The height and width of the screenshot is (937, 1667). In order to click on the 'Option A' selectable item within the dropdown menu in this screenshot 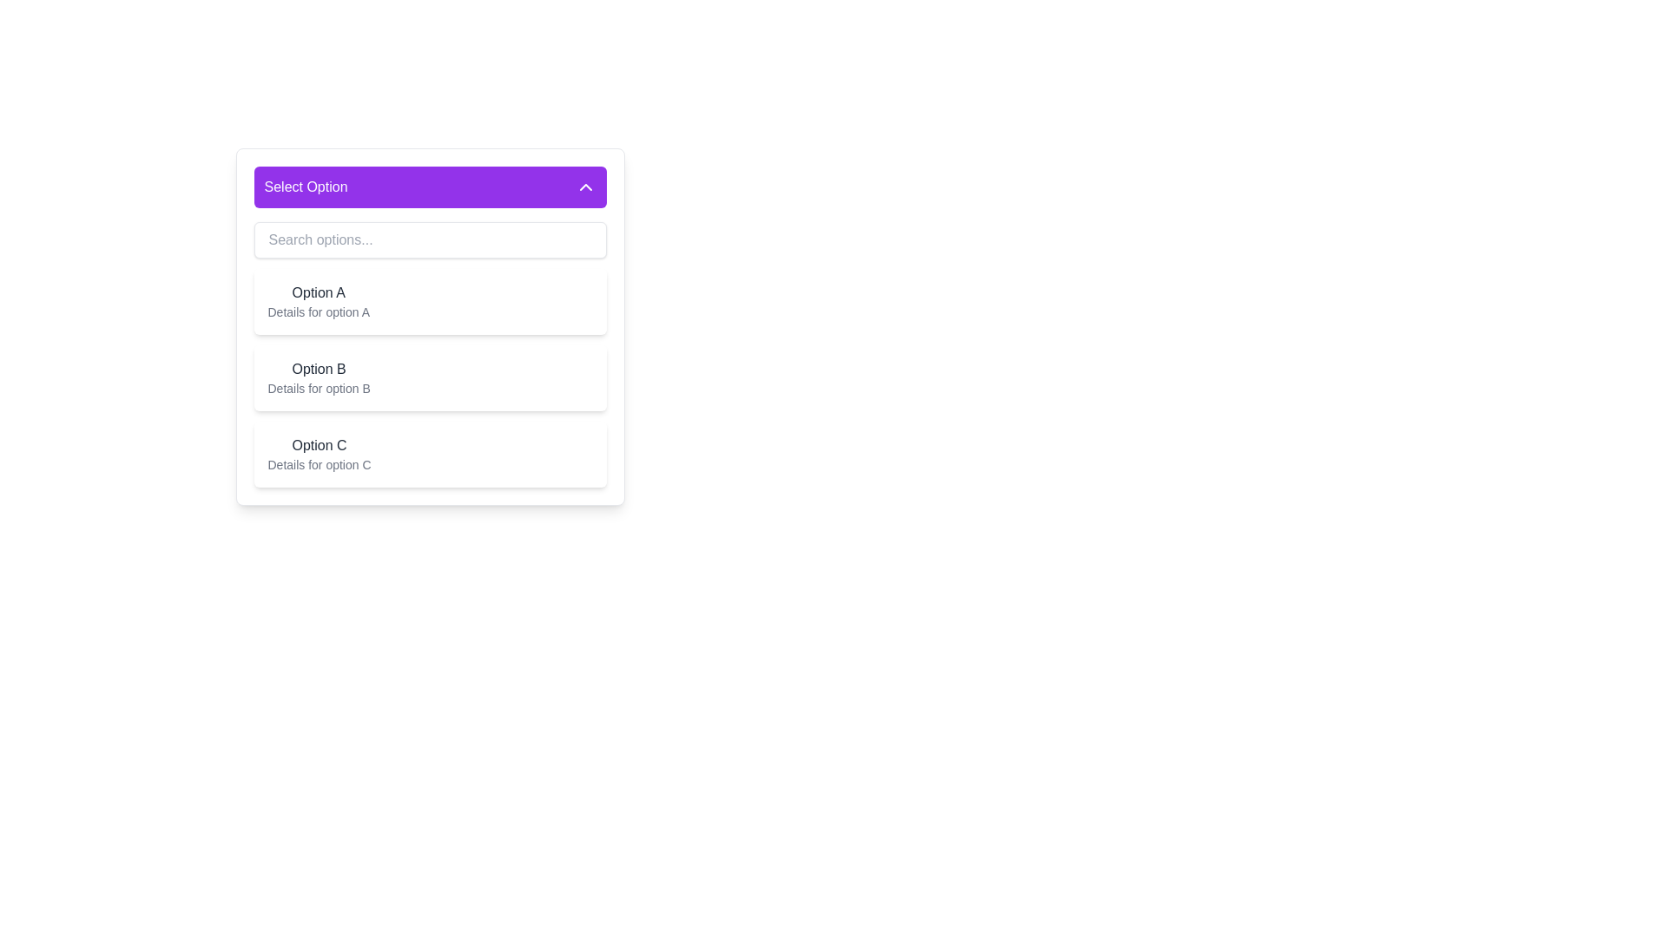, I will do `click(319, 300)`.